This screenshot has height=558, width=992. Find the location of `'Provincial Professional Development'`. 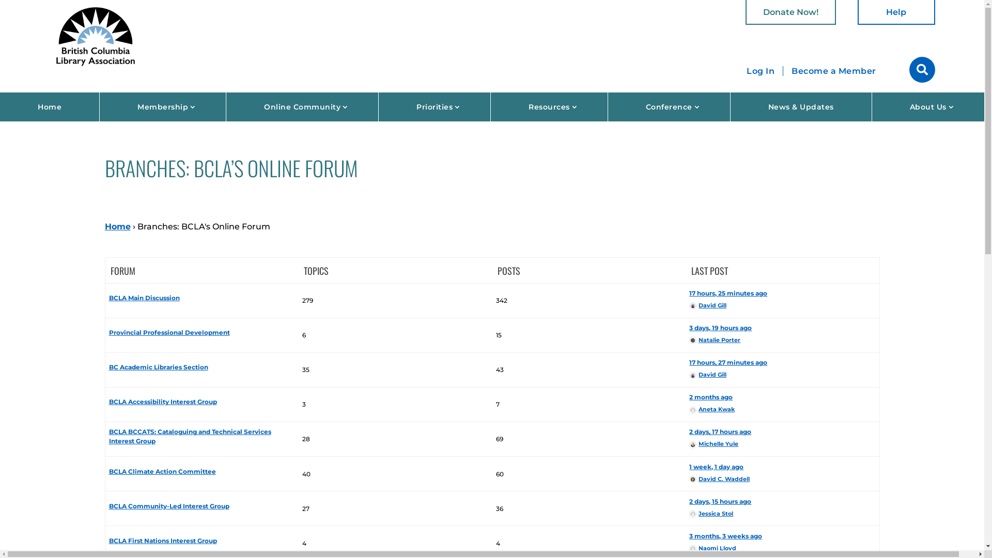

'Provincial Professional Development' is located at coordinates (169, 332).